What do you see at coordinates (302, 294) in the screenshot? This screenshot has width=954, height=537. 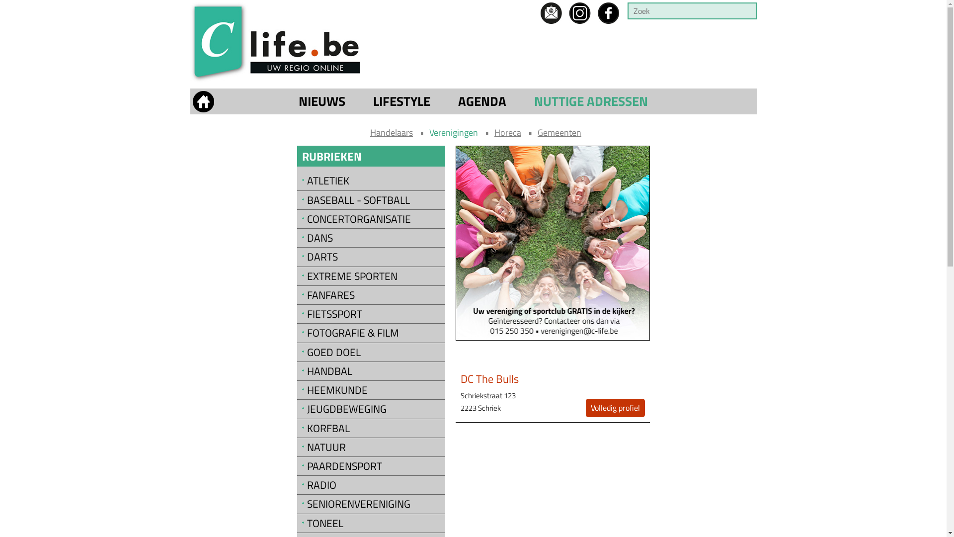 I see `'FANFARES'` at bounding box center [302, 294].